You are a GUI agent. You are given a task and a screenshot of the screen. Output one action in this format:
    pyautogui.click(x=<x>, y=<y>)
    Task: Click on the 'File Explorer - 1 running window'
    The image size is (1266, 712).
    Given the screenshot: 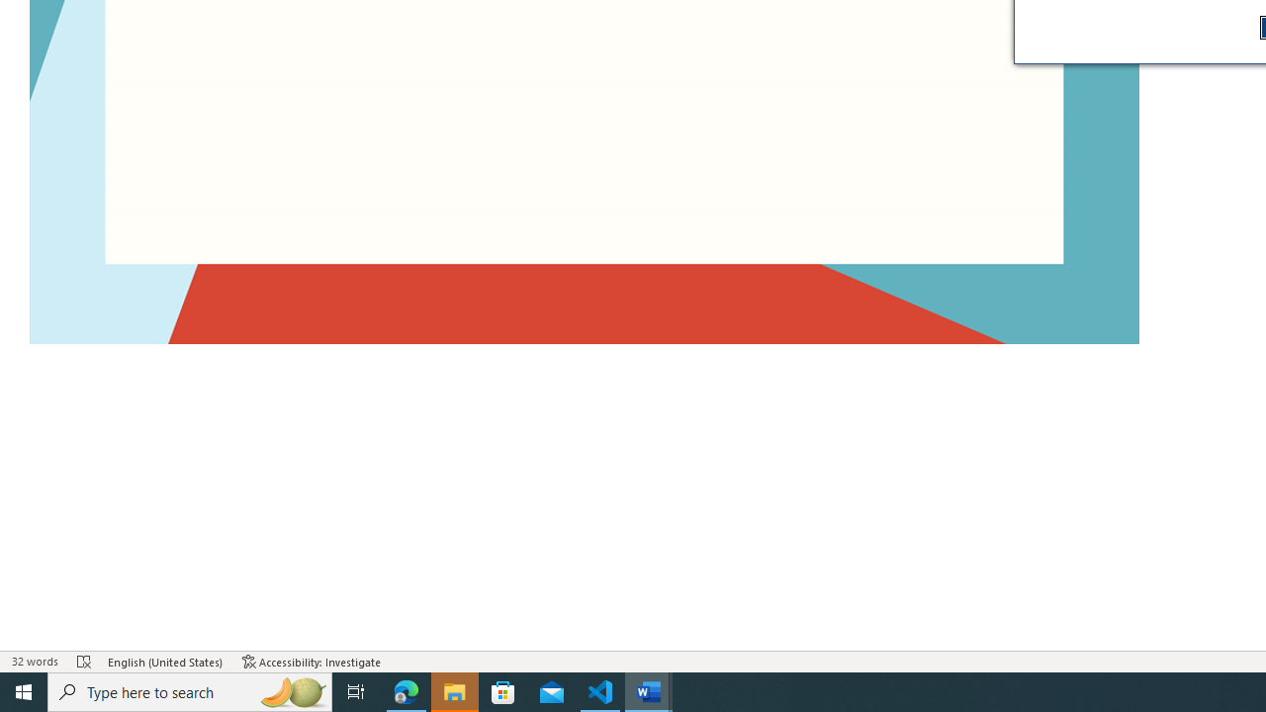 What is the action you would take?
    pyautogui.click(x=454, y=690)
    